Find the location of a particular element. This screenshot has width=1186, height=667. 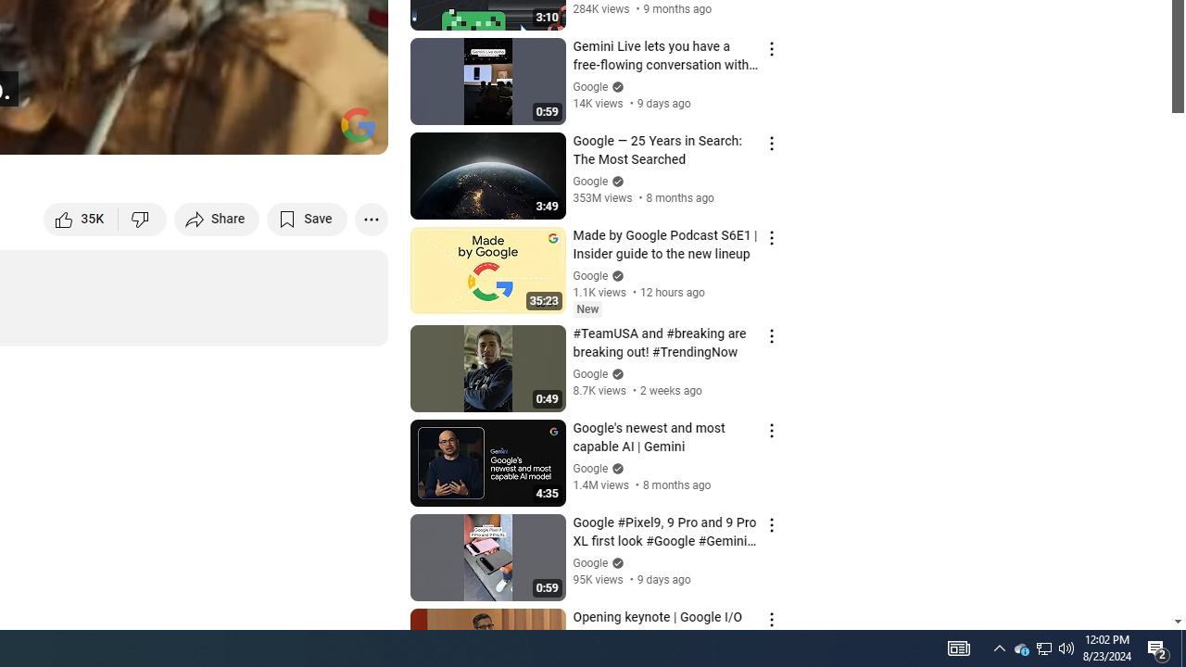

'Theater mode (t)' is located at coordinates (309, 131).